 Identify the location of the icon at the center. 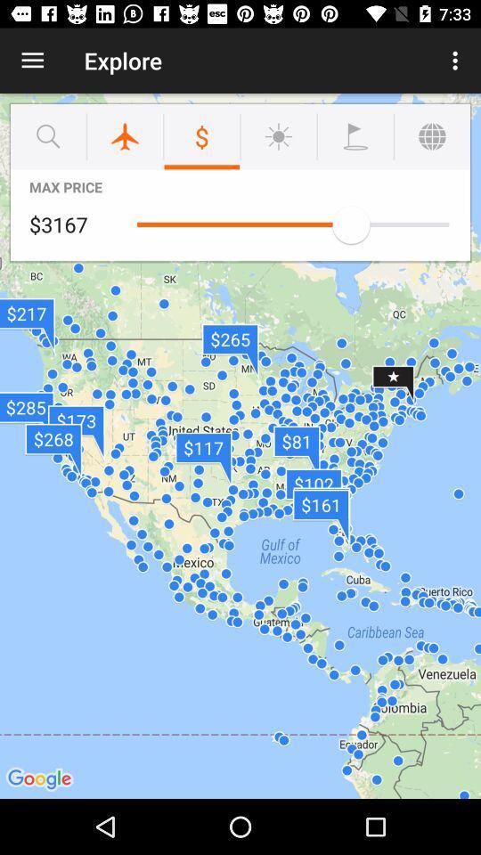
(240, 445).